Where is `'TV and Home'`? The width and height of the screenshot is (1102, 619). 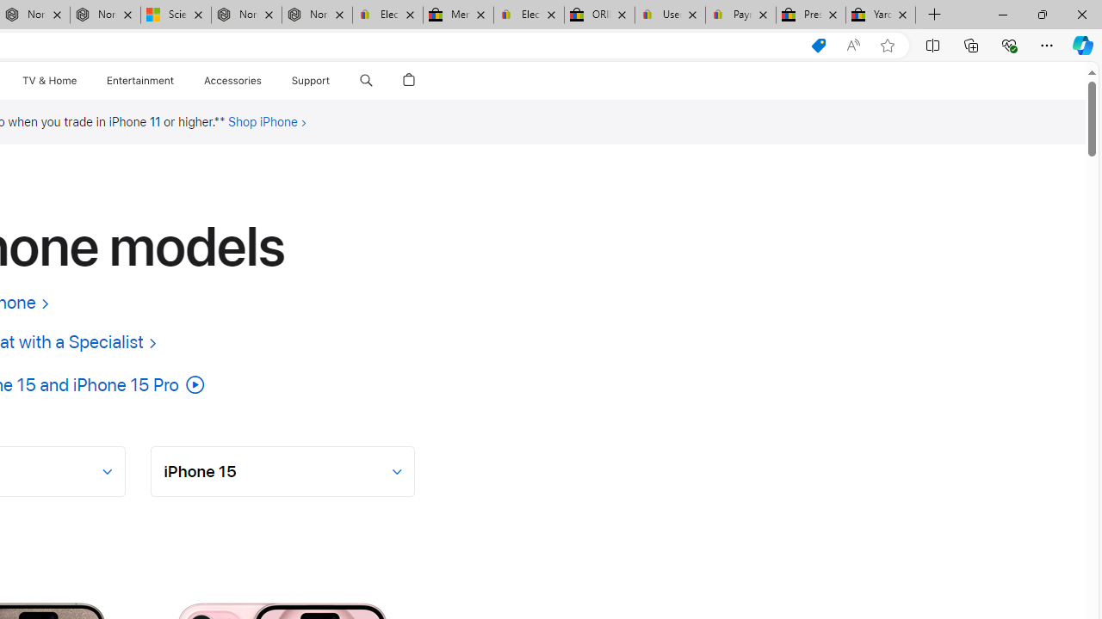 'TV and Home' is located at coordinates (48, 80).